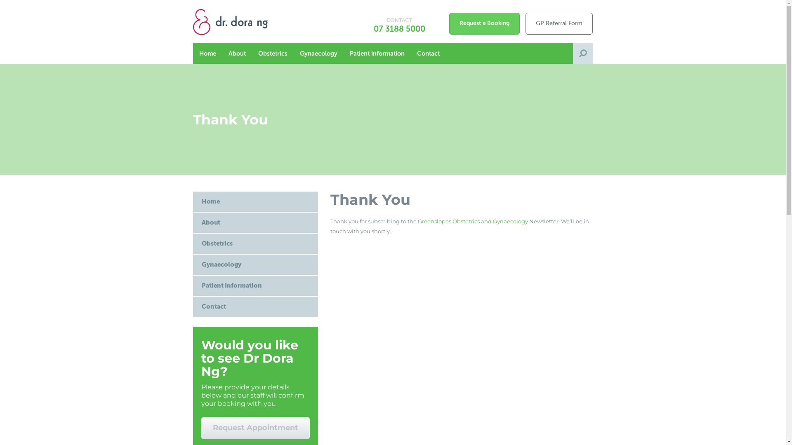 This screenshot has width=792, height=445. What do you see at coordinates (255, 307) in the screenshot?
I see `'Contact'` at bounding box center [255, 307].